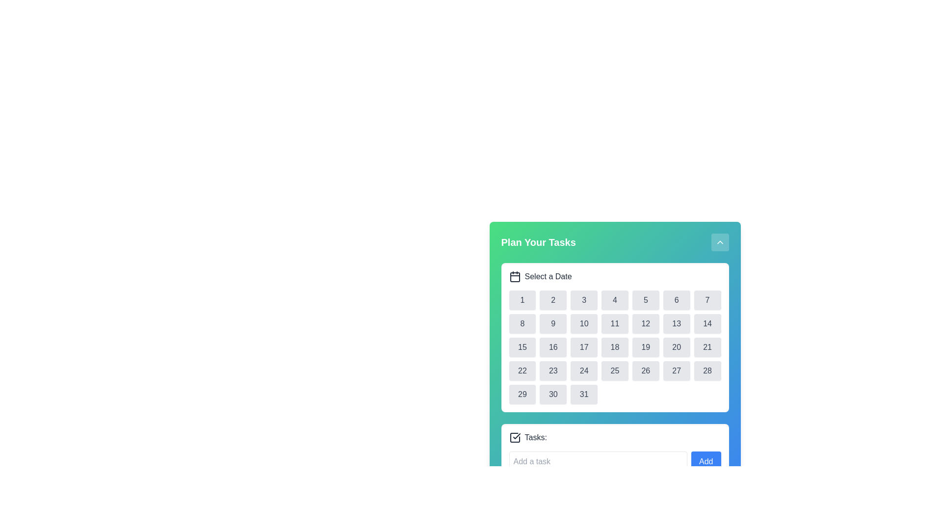 The width and height of the screenshot is (942, 530). What do you see at coordinates (720, 242) in the screenshot?
I see `the small button` at bounding box center [720, 242].